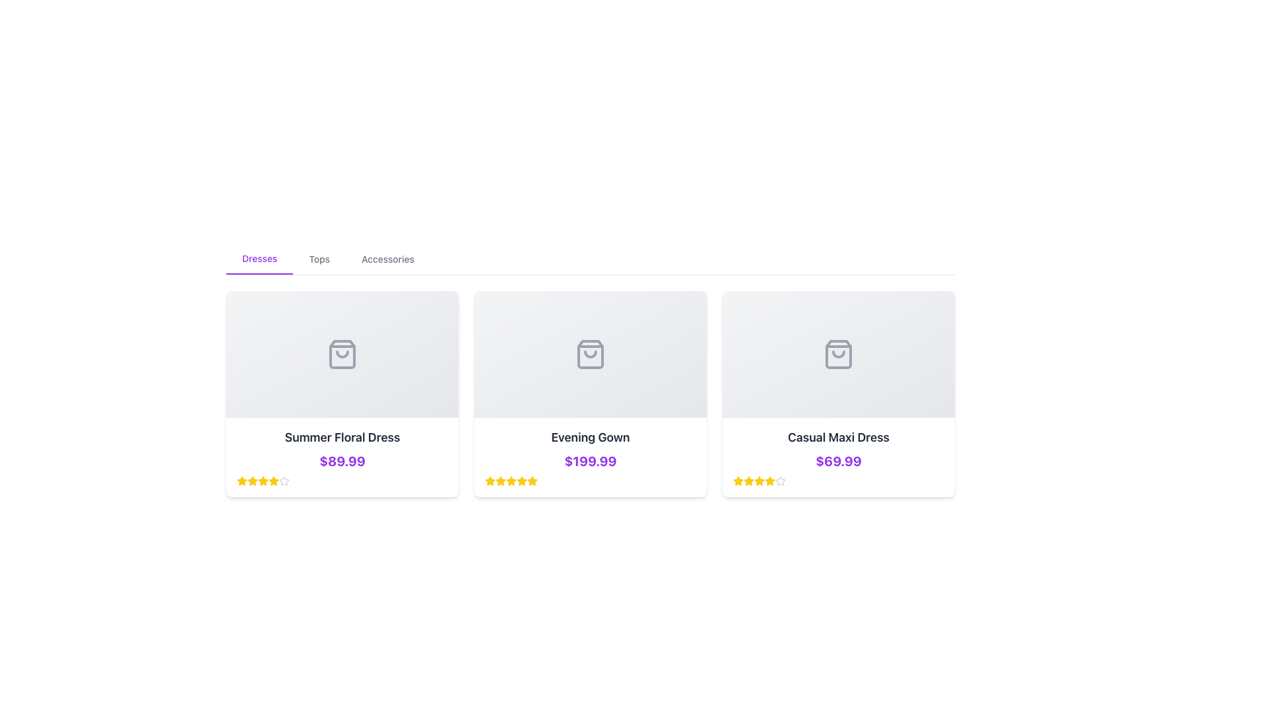  What do you see at coordinates (748, 481) in the screenshot?
I see `the second yellow star icon in the rating system located under the '$69.99' text for the 'Casual Maxi Dress'` at bounding box center [748, 481].